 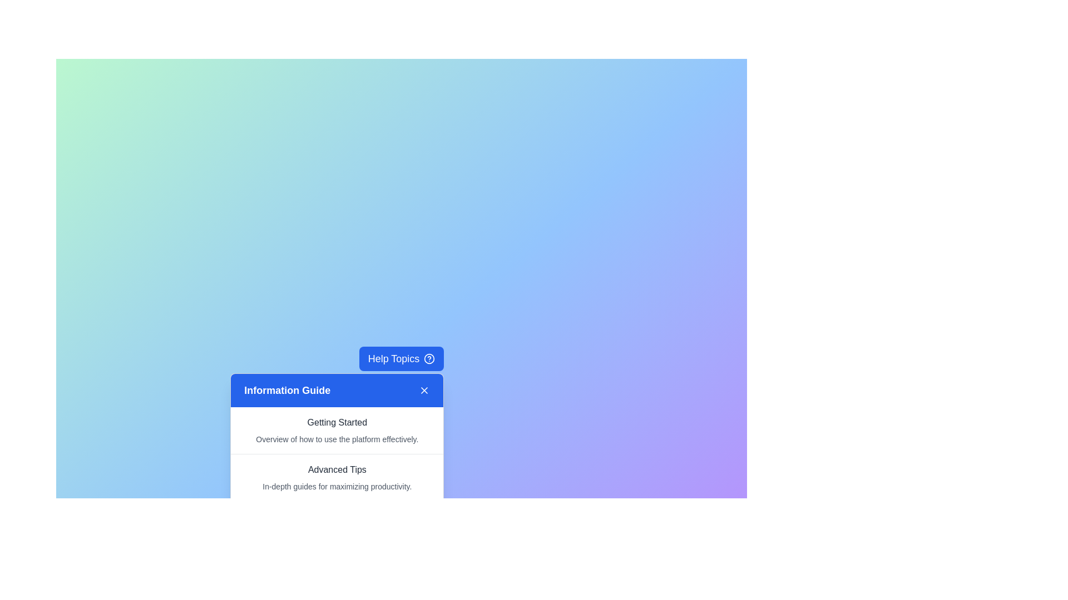 I want to click on descriptive subtitle text located beneath the 'Advanced Tips' heading in the 'Information Guide' popup, so click(x=337, y=486).